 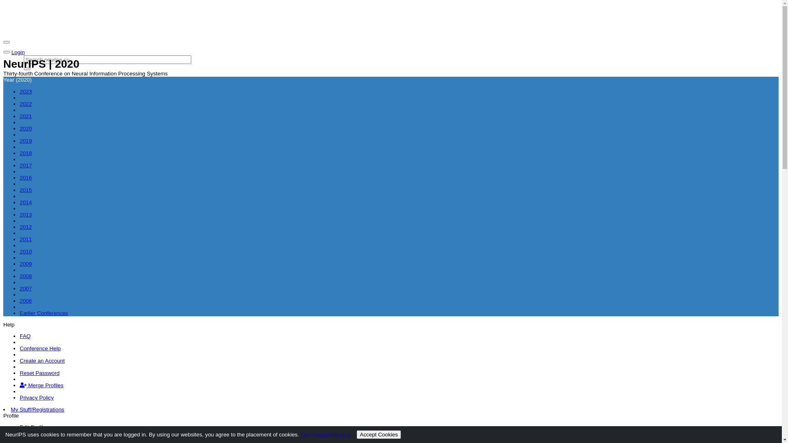 What do you see at coordinates (25, 190) in the screenshot?
I see `'2015'` at bounding box center [25, 190].